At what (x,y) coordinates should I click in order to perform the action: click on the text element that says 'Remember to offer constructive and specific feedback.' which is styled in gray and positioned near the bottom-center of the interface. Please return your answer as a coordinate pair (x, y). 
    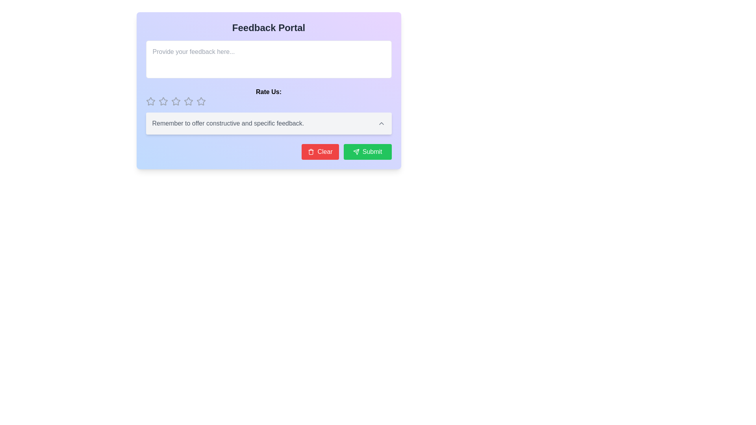
    Looking at the image, I should click on (269, 123).